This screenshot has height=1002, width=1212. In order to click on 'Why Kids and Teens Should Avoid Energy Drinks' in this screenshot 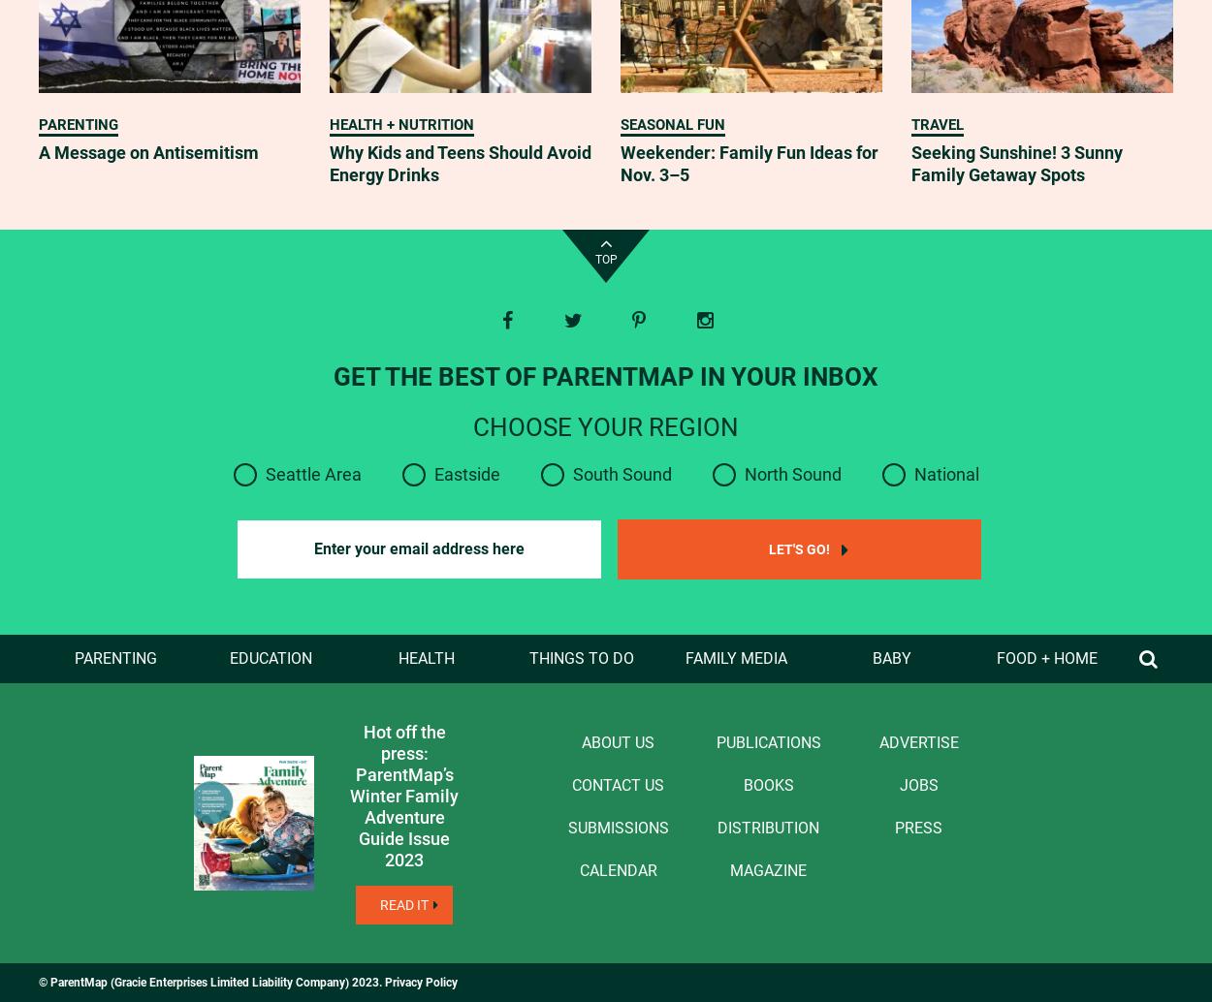, I will do `click(329, 163)`.